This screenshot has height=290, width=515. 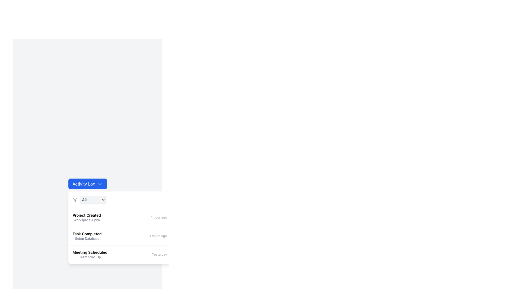 What do you see at coordinates (87, 184) in the screenshot?
I see `the blue rectangular button labeled 'Activity Log' with a downward-facing chevron icon` at bounding box center [87, 184].